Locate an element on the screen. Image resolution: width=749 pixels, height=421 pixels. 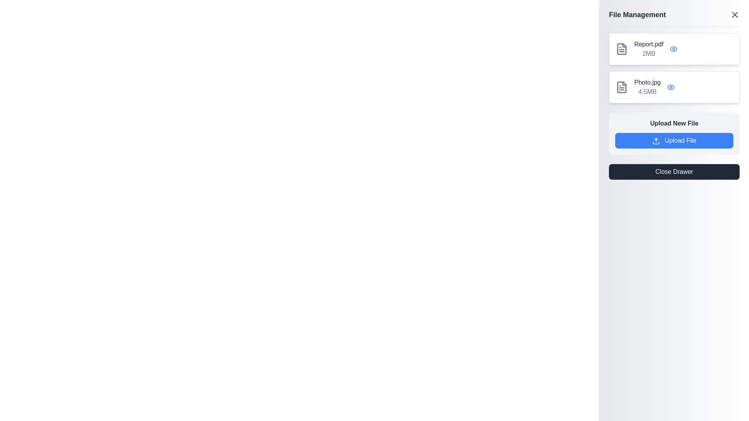
the decorative upload icon located inside the 'Upload File' button, positioned to the left of the text label 'Upload File' is located at coordinates (655, 141).